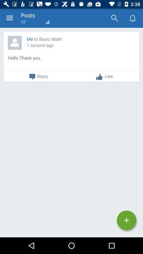  I want to click on the add icon, so click(126, 220).